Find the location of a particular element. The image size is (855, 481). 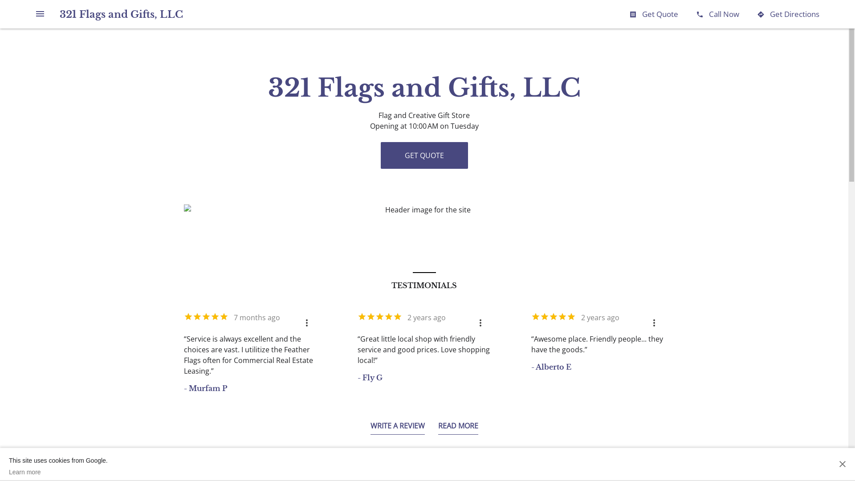

'GET QUOTE' is located at coordinates (423, 155).